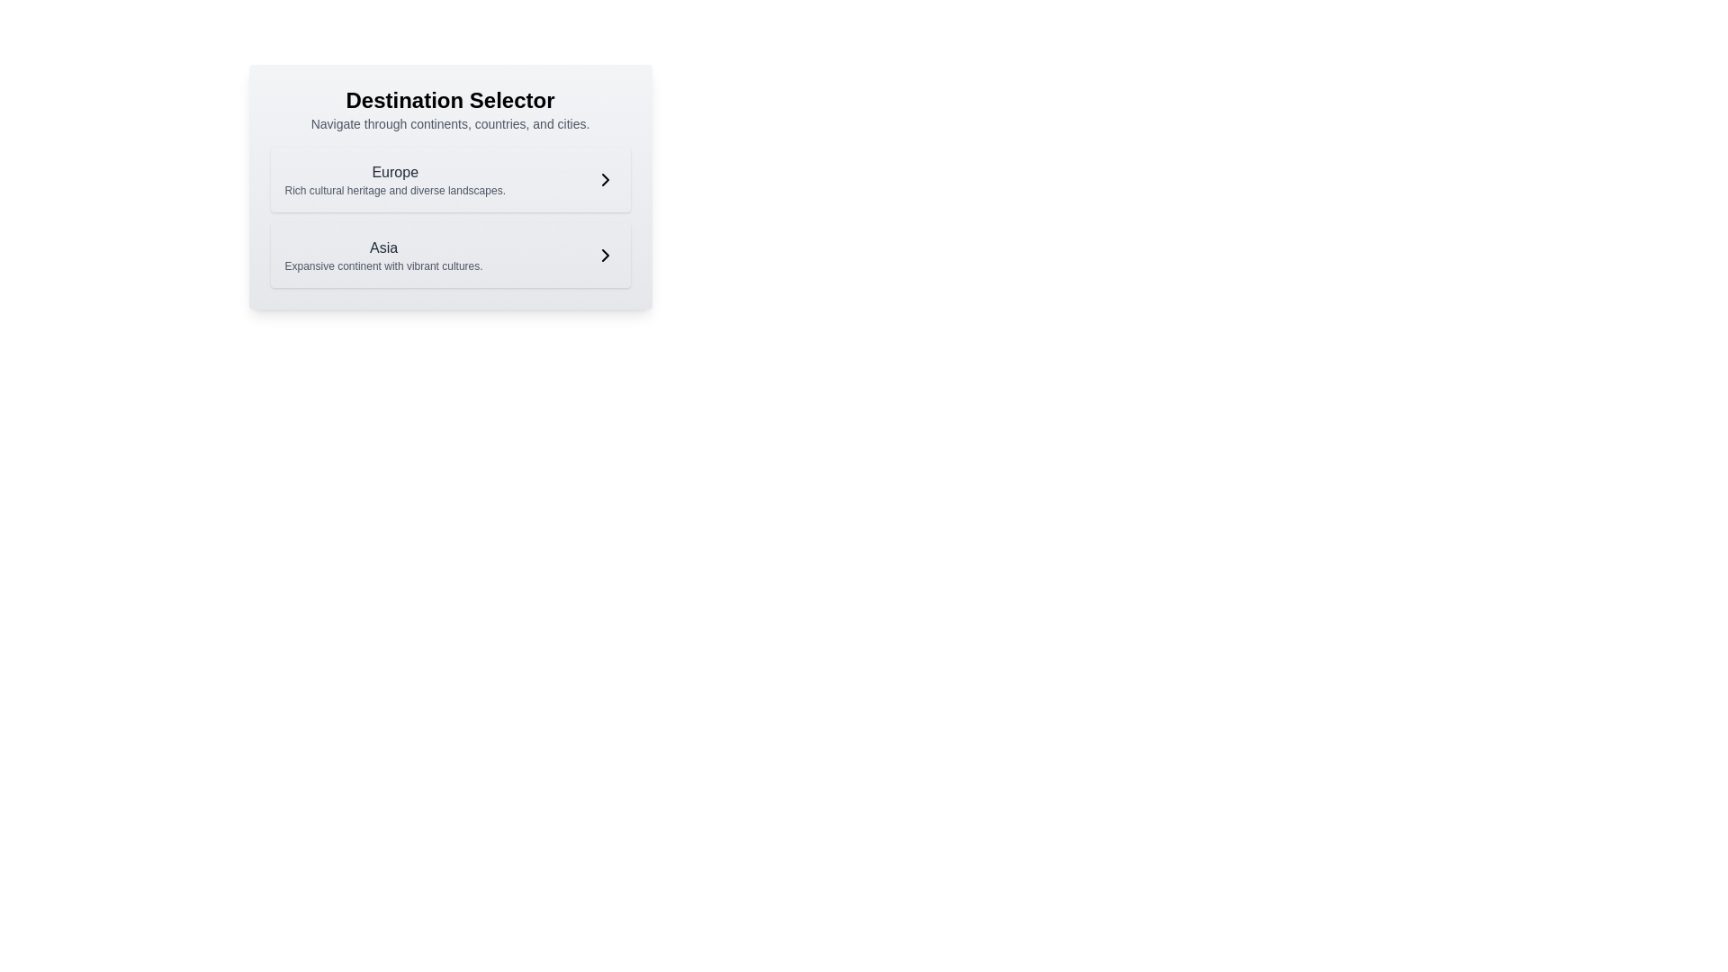  Describe the element at coordinates (605, 180) in the screenshot. I see `the visual indicator icon for the 'Europe' option, which is located at the far right of the 'Europe' list item in the destination selection card` at that location.